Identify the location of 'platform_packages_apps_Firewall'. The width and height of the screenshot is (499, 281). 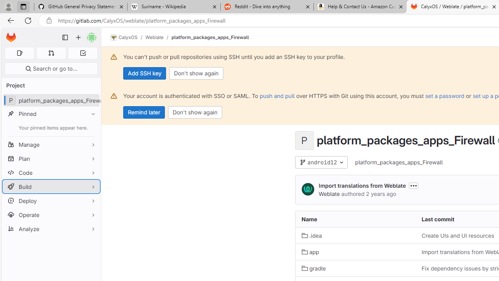
(399, 162).